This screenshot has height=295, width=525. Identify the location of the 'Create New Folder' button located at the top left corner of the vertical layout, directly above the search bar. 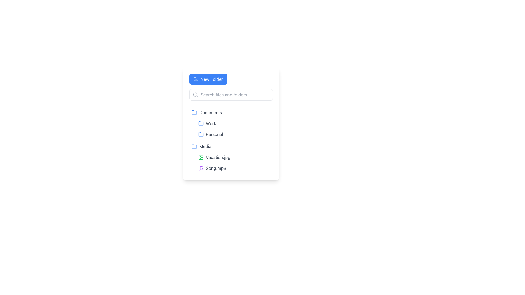
(208, 79).